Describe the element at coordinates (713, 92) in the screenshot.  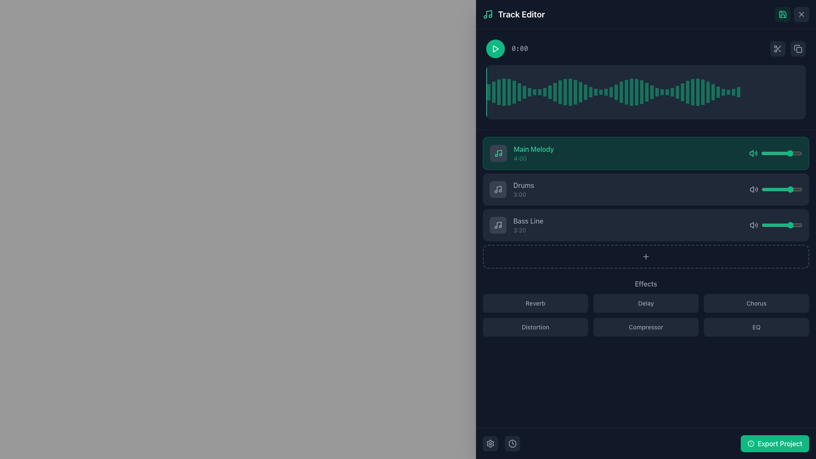
I see `the 43rd graphical bar element representing the audio waveform, which is located towards the upper-right portion of the display` at that location.